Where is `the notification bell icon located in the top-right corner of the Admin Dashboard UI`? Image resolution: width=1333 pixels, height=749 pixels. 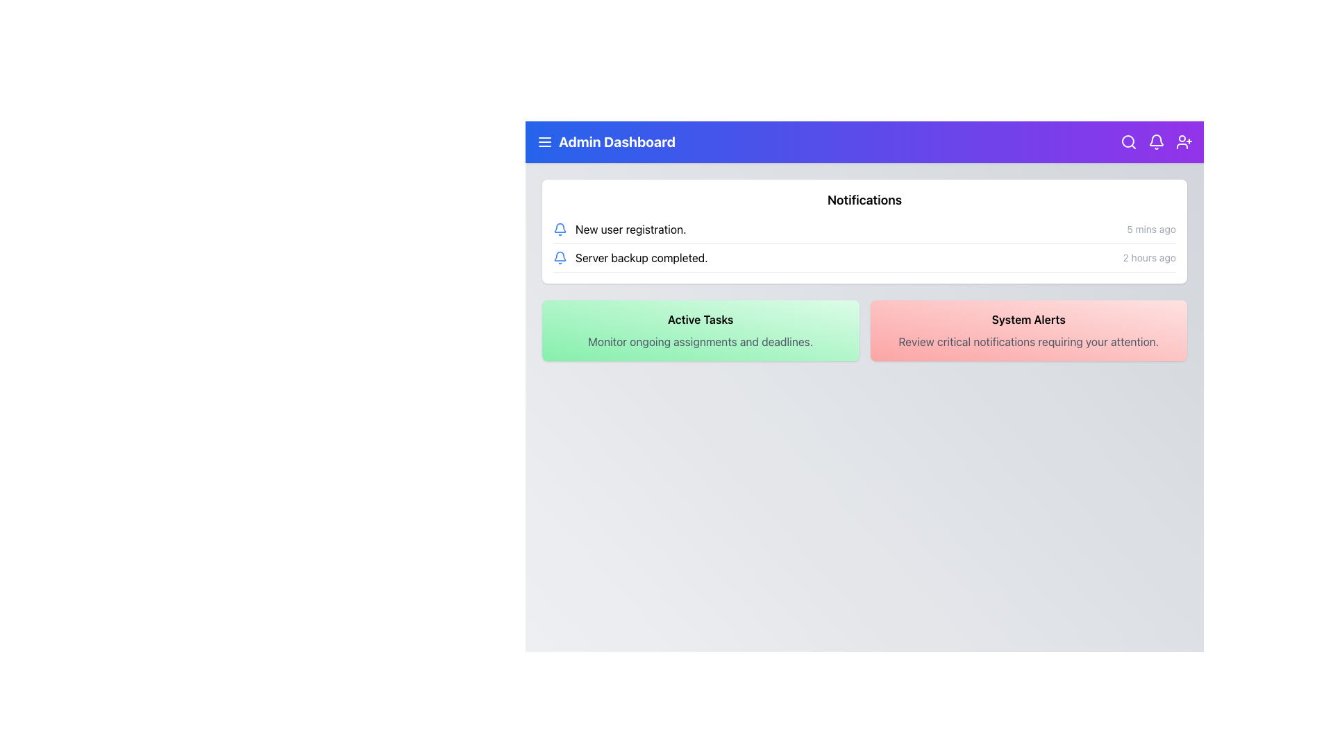 the notification bell icon located in the top-right corner of the Admin Dashboard UI is located at coordinates (1156, 141).